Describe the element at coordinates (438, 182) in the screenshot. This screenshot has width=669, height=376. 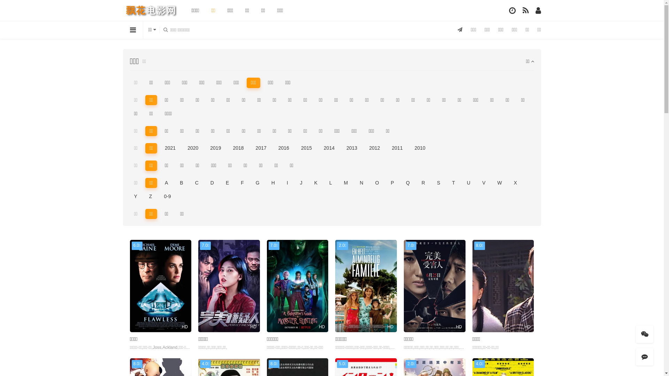
I see `'S'` at that location.